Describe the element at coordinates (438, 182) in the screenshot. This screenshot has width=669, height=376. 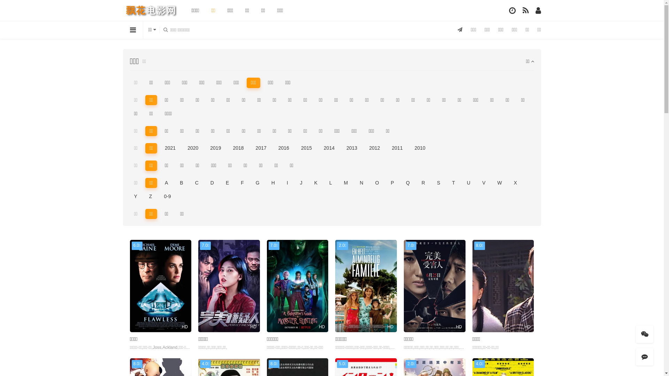
I see `'S'` at that location.